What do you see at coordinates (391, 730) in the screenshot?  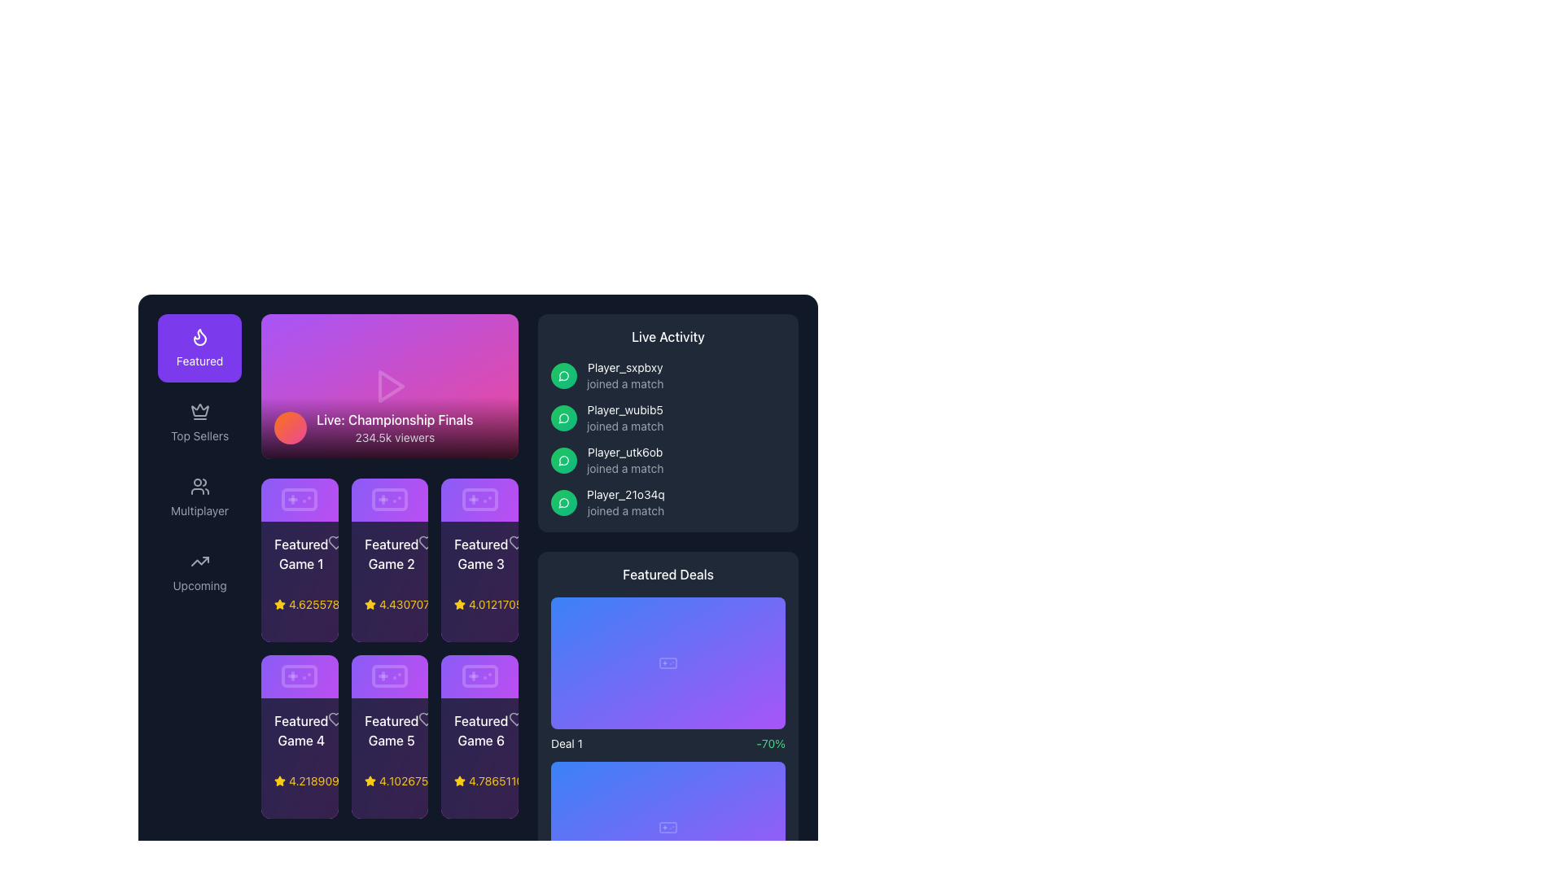 I see `the text label reading 'Featured Game 5', which is styled in white against a purple background, located in the second row and middle column of the grid layout` at bounding box center [391, 730].